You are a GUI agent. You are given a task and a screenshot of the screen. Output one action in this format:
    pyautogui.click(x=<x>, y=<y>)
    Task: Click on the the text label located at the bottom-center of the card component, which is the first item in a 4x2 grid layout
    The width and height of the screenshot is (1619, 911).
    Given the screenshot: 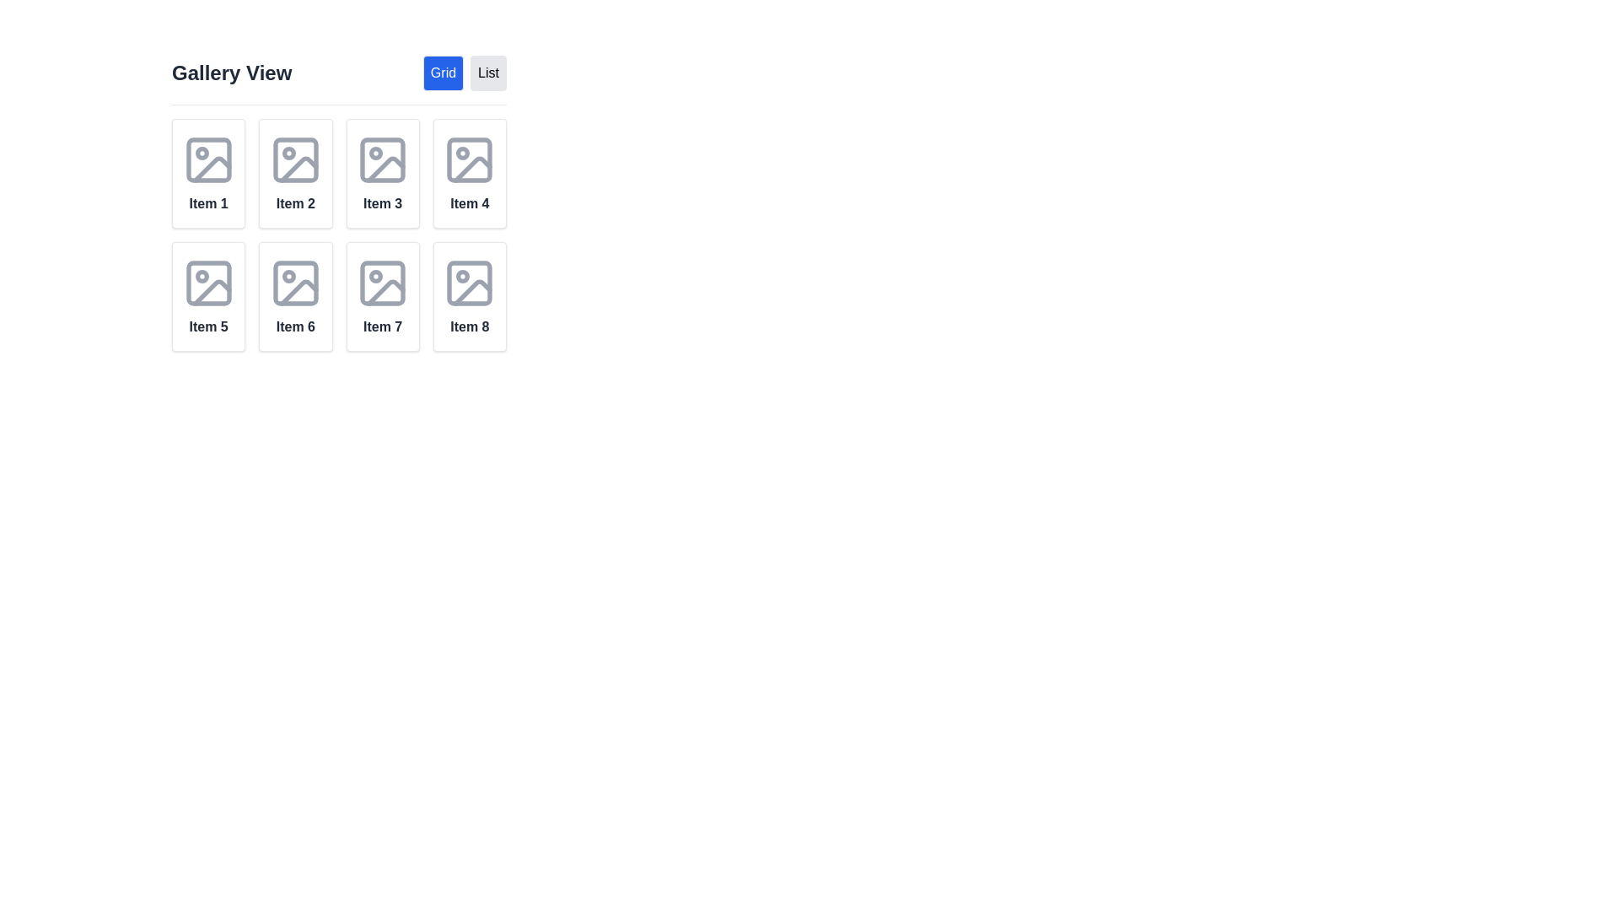 What is the action you would take?
    pyautogui.click(x=207, y=203)
    